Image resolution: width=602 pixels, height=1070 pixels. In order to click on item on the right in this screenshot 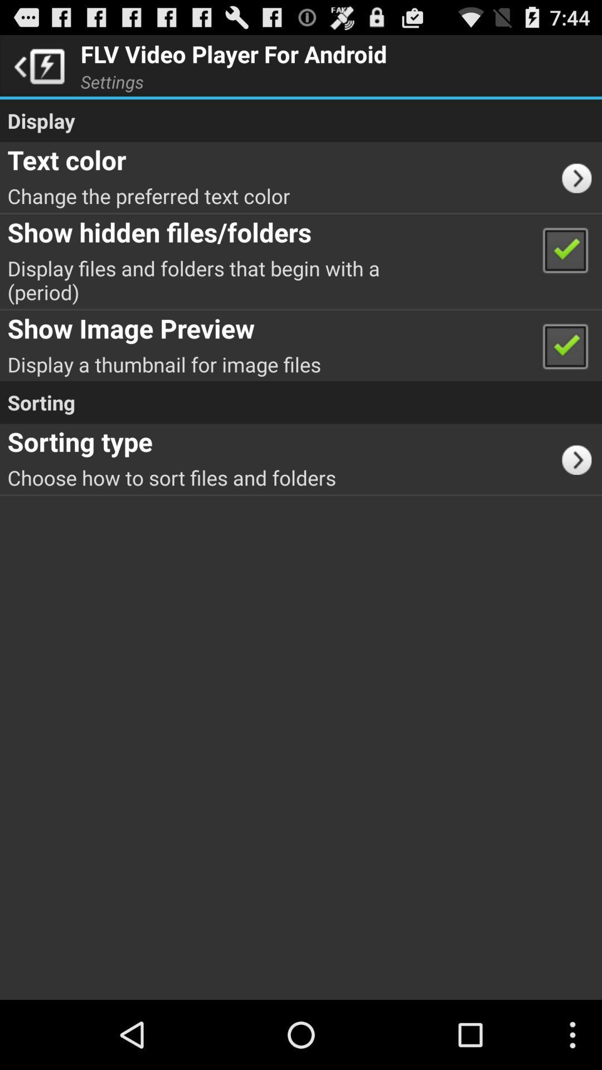, I will do `click(580, 459)`.